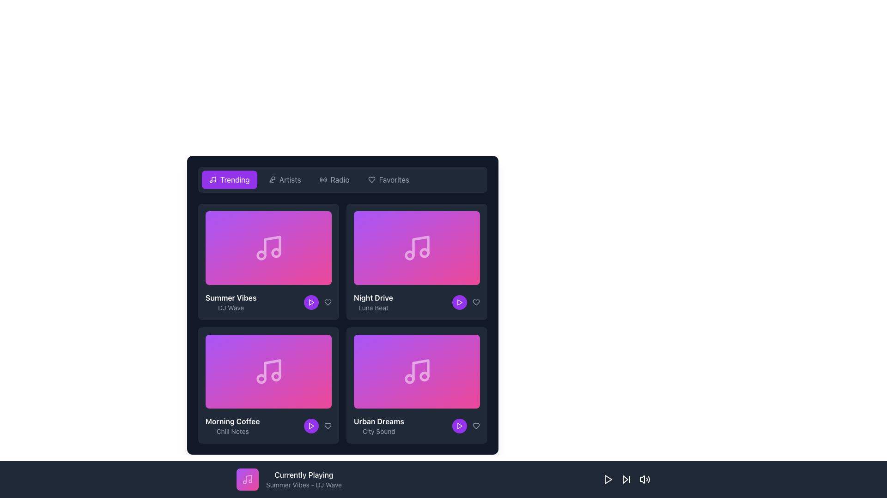  I want to click on the circular purple playback button with a triangular play icon located at the bottom-right of the 'Night Drive' song card to initiate playback, so click(459, 302).